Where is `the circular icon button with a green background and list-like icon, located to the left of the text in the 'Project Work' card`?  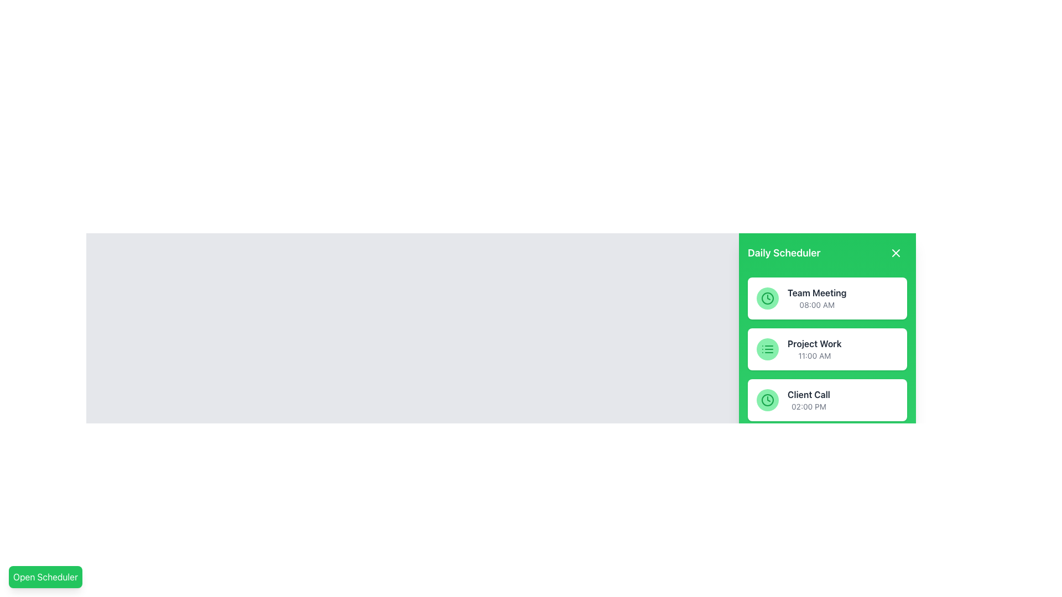
the circular icon button with a green background and list-like icon, located to the left of the text in the 'Project Work' card is located at coordinates (767, 349).